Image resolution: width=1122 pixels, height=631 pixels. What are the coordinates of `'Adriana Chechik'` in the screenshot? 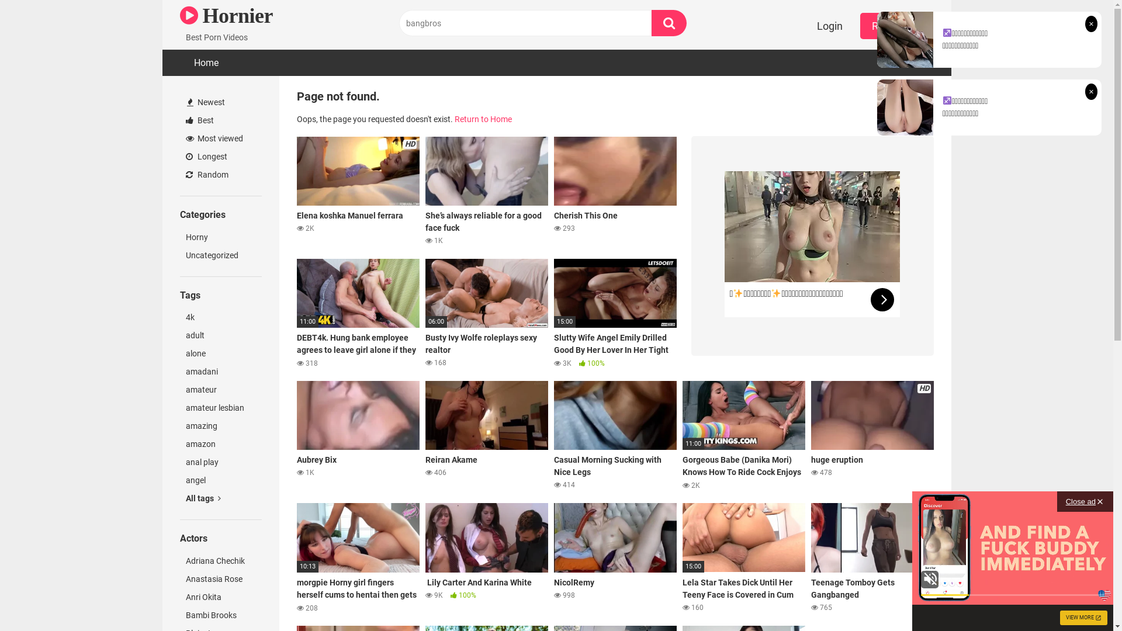 It's located at (221, 560).